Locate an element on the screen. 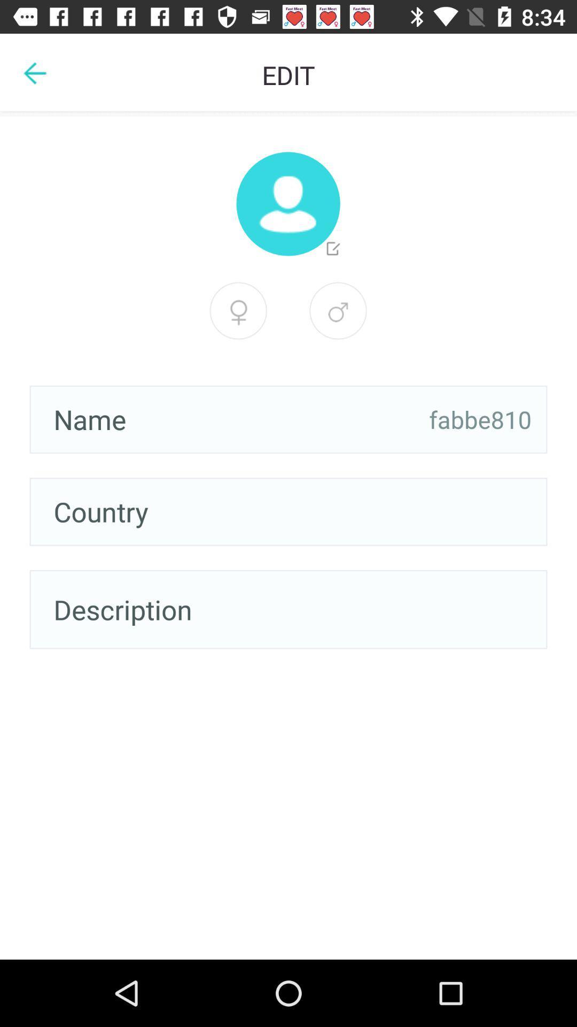 The width and height of the screenshot is (577, 1027). the avatar icon is located at coordinates (287, 204).